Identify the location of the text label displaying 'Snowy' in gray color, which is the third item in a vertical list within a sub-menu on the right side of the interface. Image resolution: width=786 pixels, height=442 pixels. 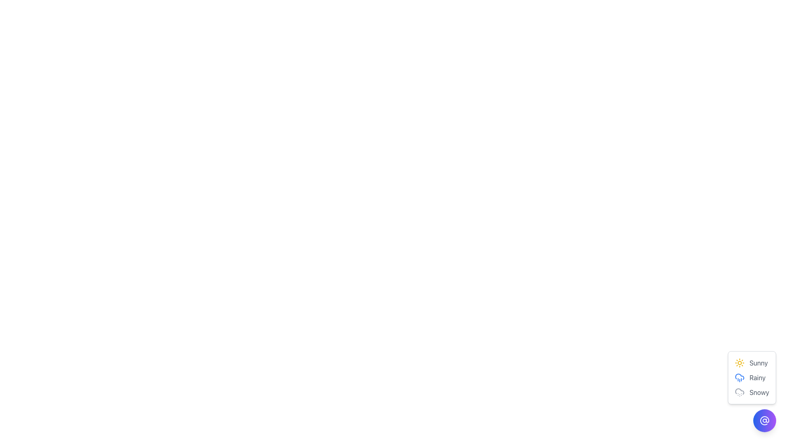
(759, 392).